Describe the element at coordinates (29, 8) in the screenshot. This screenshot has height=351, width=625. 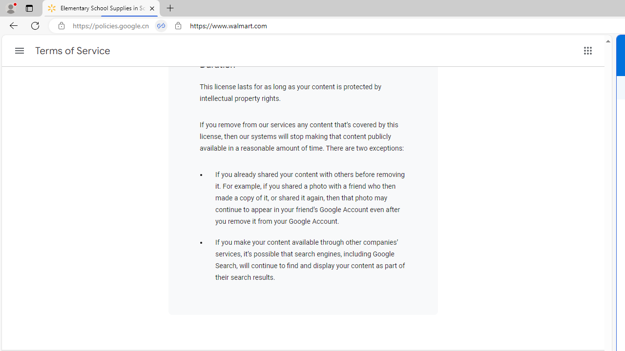
I see `'Tab actions menu'` at that location.